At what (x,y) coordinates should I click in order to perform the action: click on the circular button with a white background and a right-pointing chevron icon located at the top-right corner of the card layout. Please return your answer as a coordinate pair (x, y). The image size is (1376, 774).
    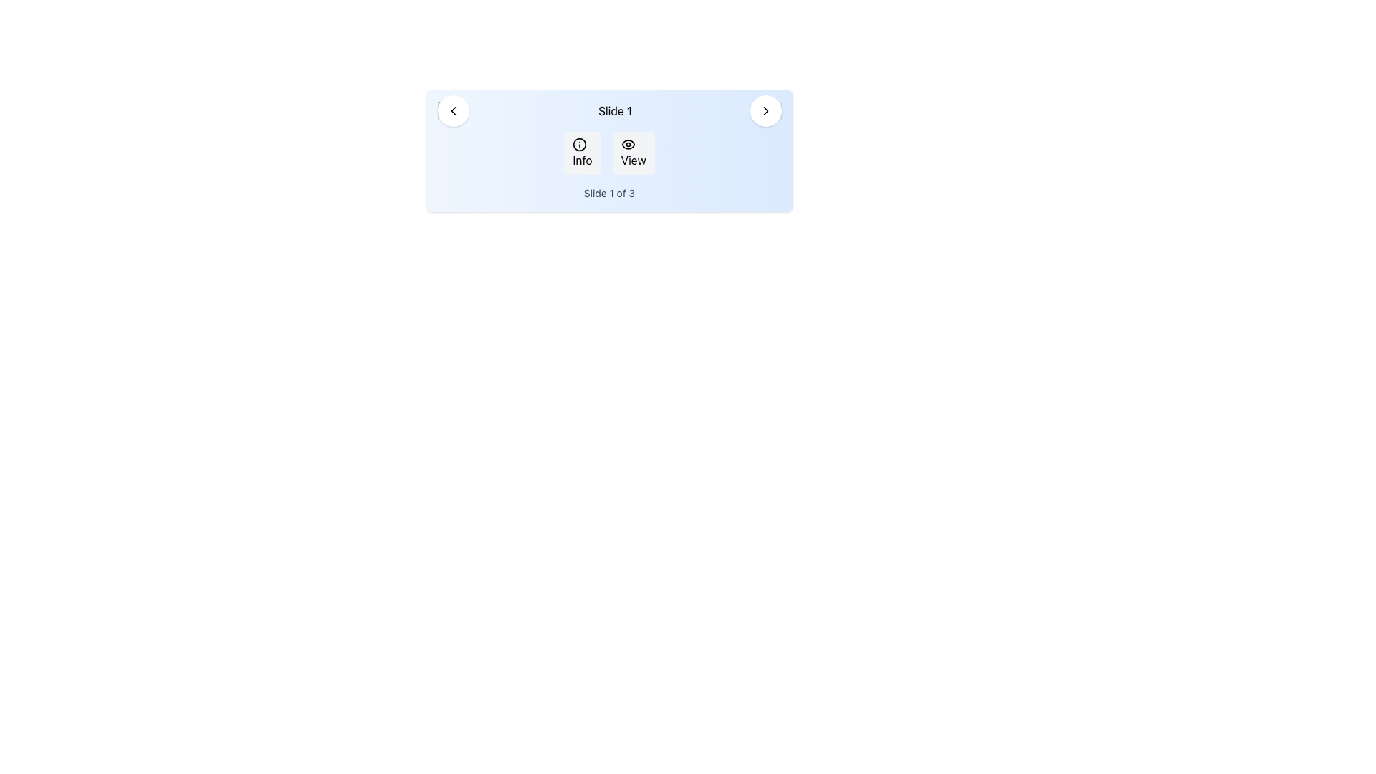
    Looking at the image, I should click on (765, 110).